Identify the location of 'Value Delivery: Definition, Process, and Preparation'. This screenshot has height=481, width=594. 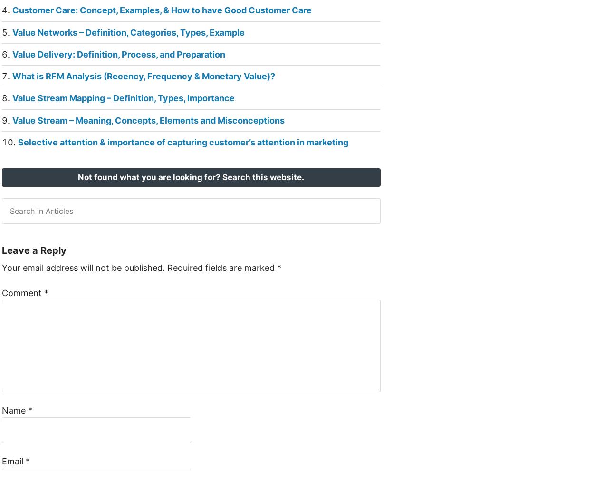
(117, 53).